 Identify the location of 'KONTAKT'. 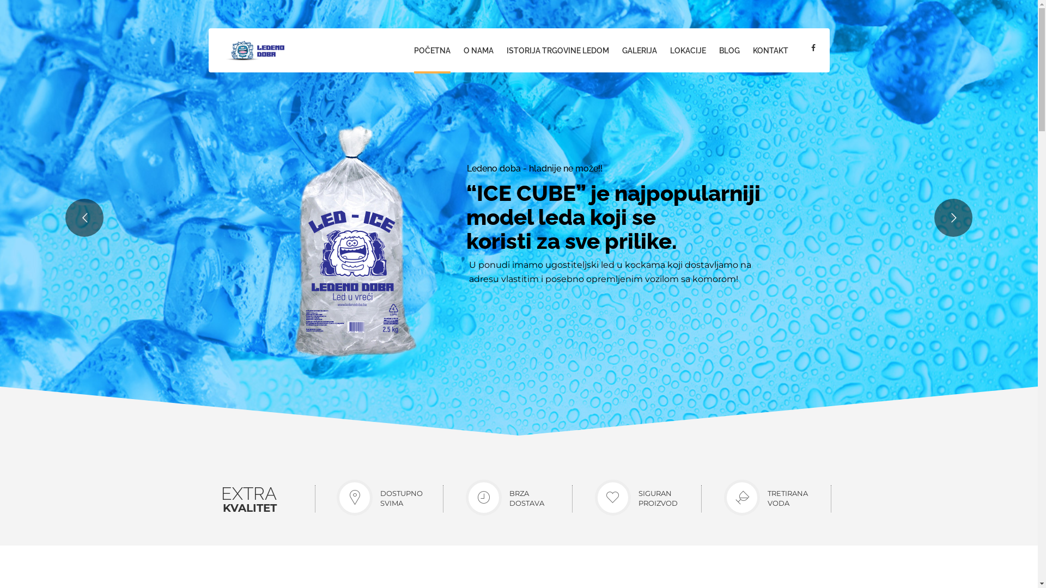
(770, 51).